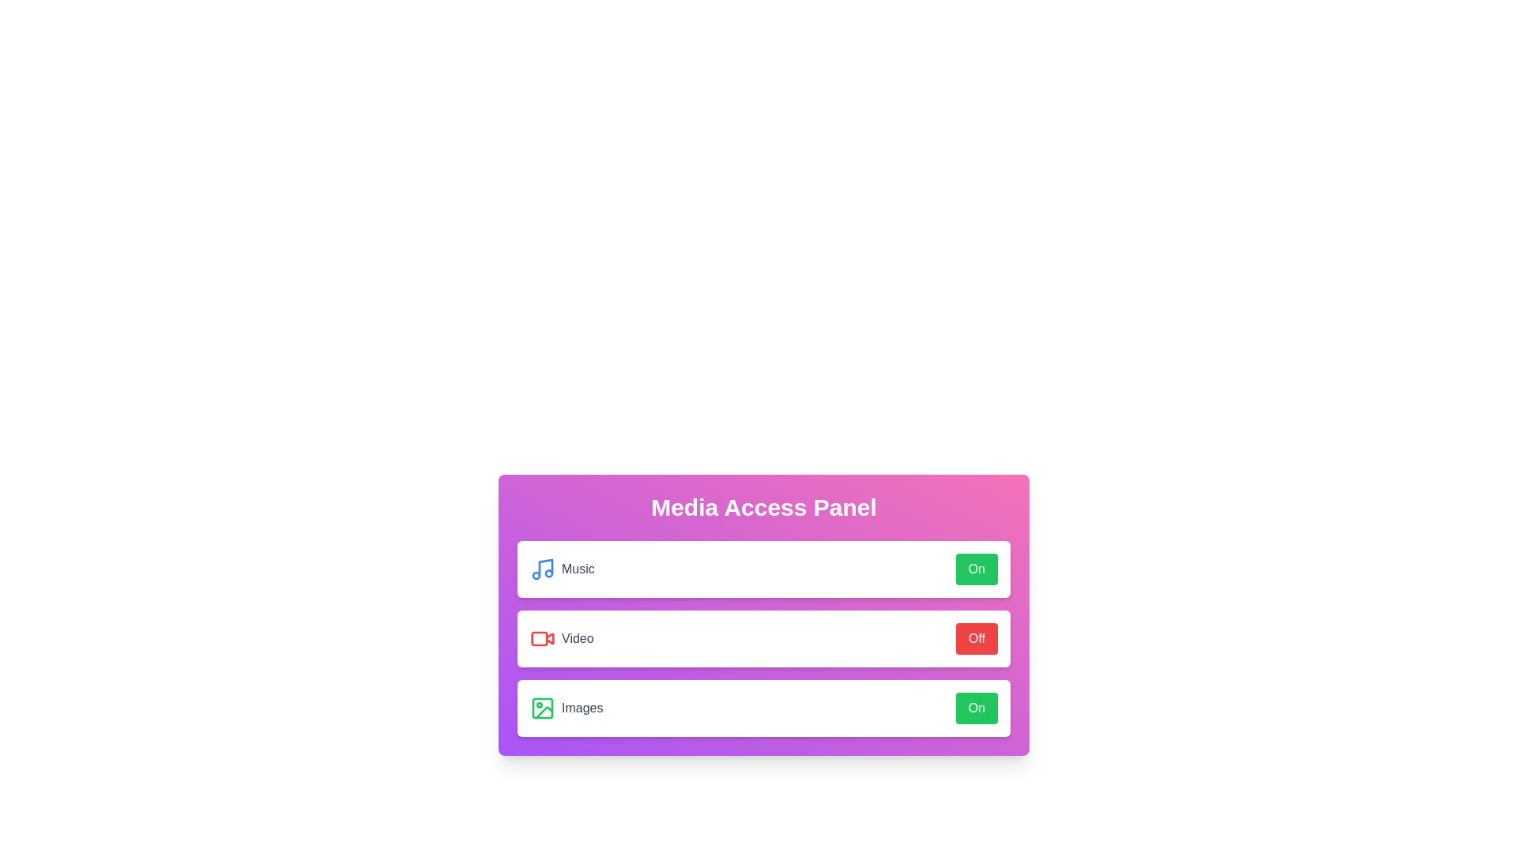 Image resolution: width=1517 pixels, height=853 pixels. Describe the element at coordinates (561, 638) in the screenshot. I see `the media type text Video for inspection` at that location.